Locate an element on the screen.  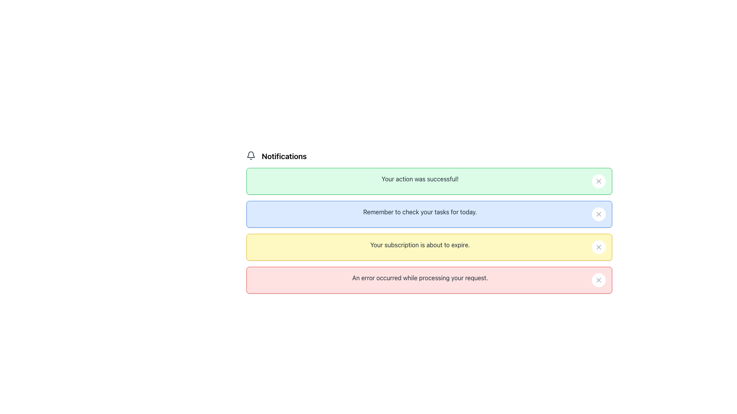
the diagonal line segment of the close icon located at the top right corner of the green notification box labeled 'Your action was successful!' is located at coordinates (598, 181).